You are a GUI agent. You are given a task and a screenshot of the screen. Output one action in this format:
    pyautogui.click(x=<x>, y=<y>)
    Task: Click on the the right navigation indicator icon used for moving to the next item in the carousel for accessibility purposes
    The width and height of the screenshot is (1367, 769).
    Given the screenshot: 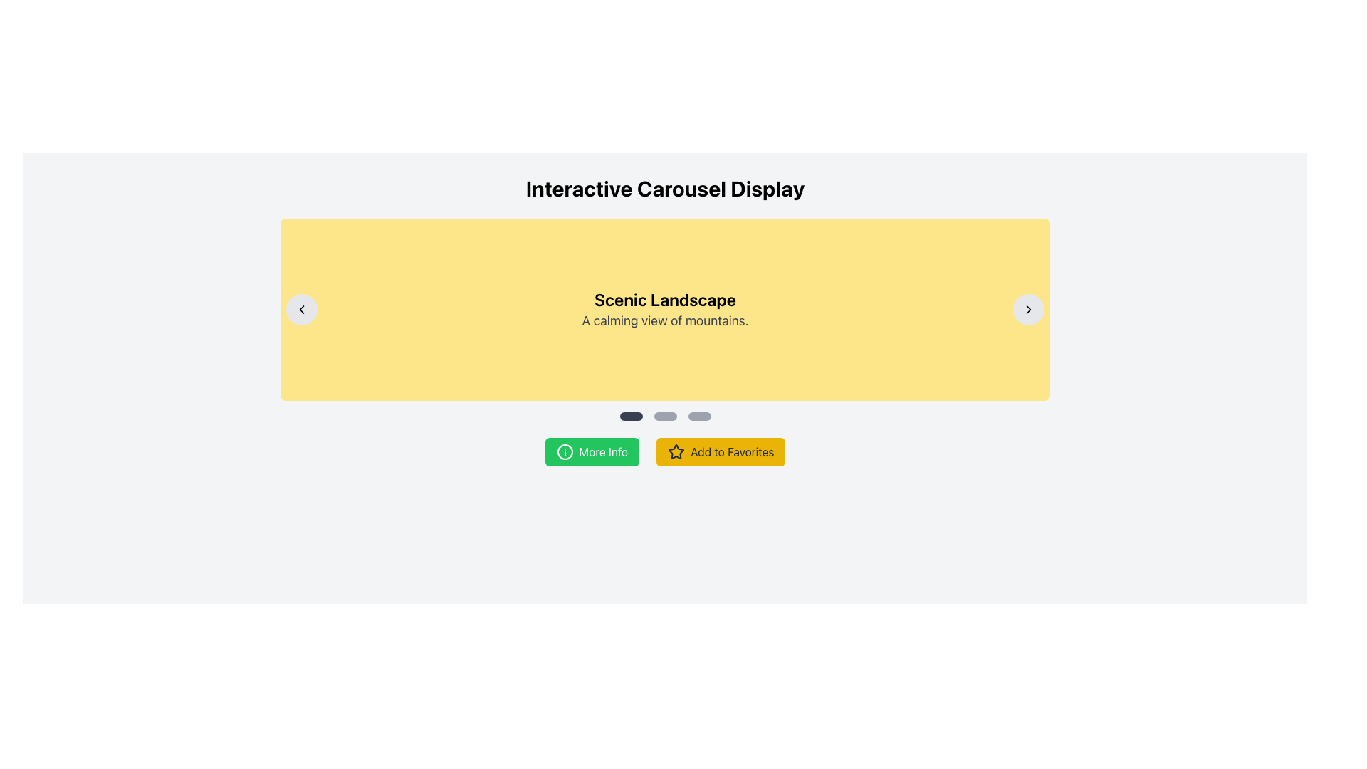 What is the action you would take?
    pyautogui.click(x=1029, y=309)
    